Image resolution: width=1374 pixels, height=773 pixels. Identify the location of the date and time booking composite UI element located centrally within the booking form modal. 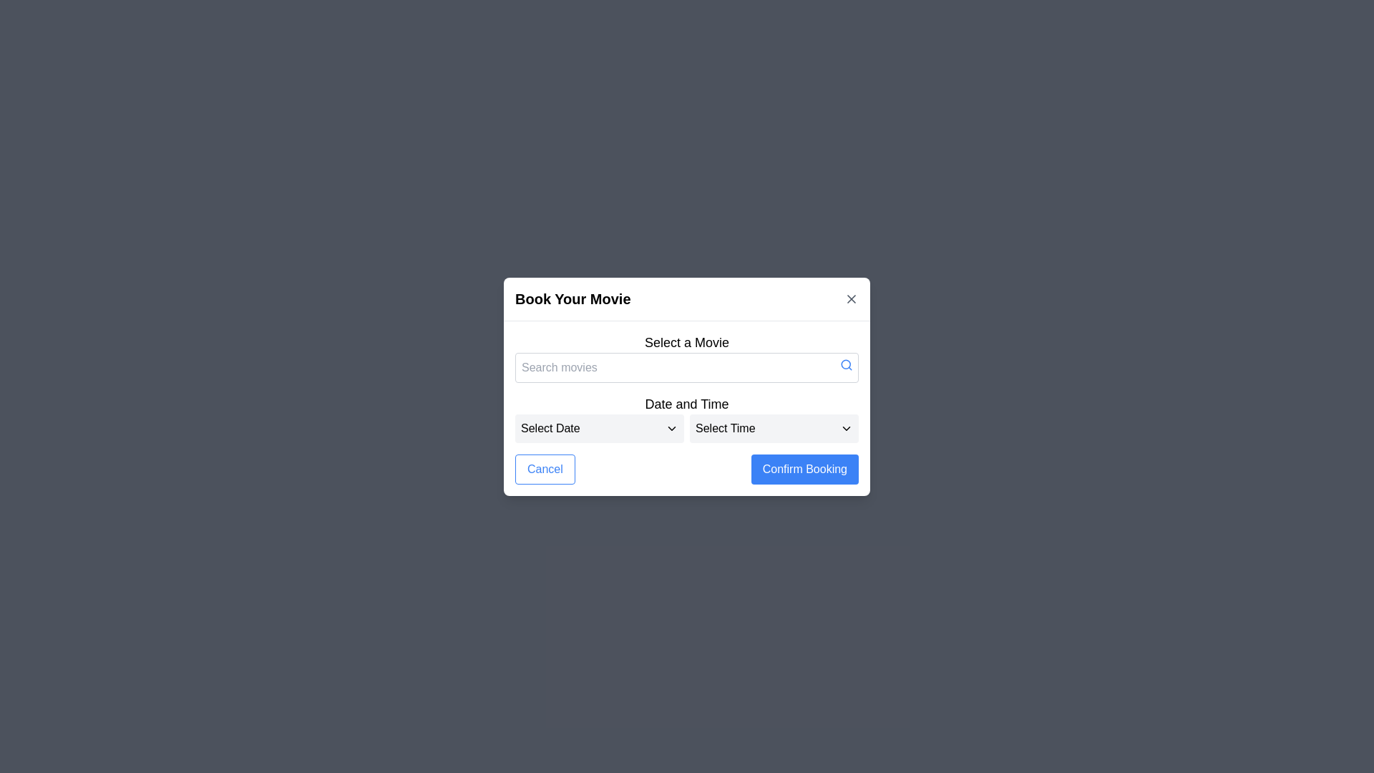
(687, 417).